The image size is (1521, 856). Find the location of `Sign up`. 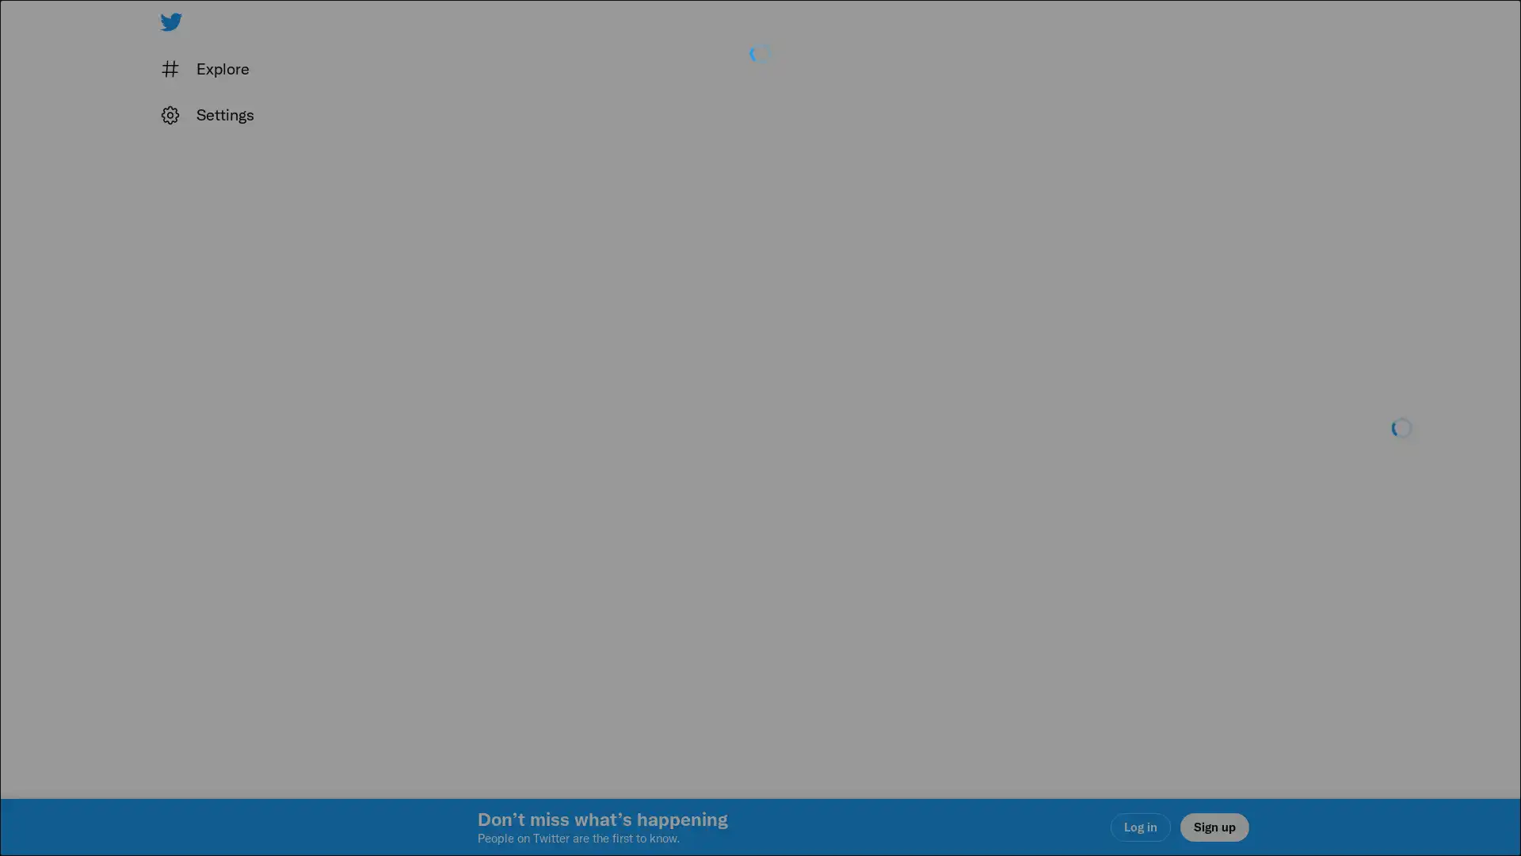

Sign up is located at coordinates (572, 540).